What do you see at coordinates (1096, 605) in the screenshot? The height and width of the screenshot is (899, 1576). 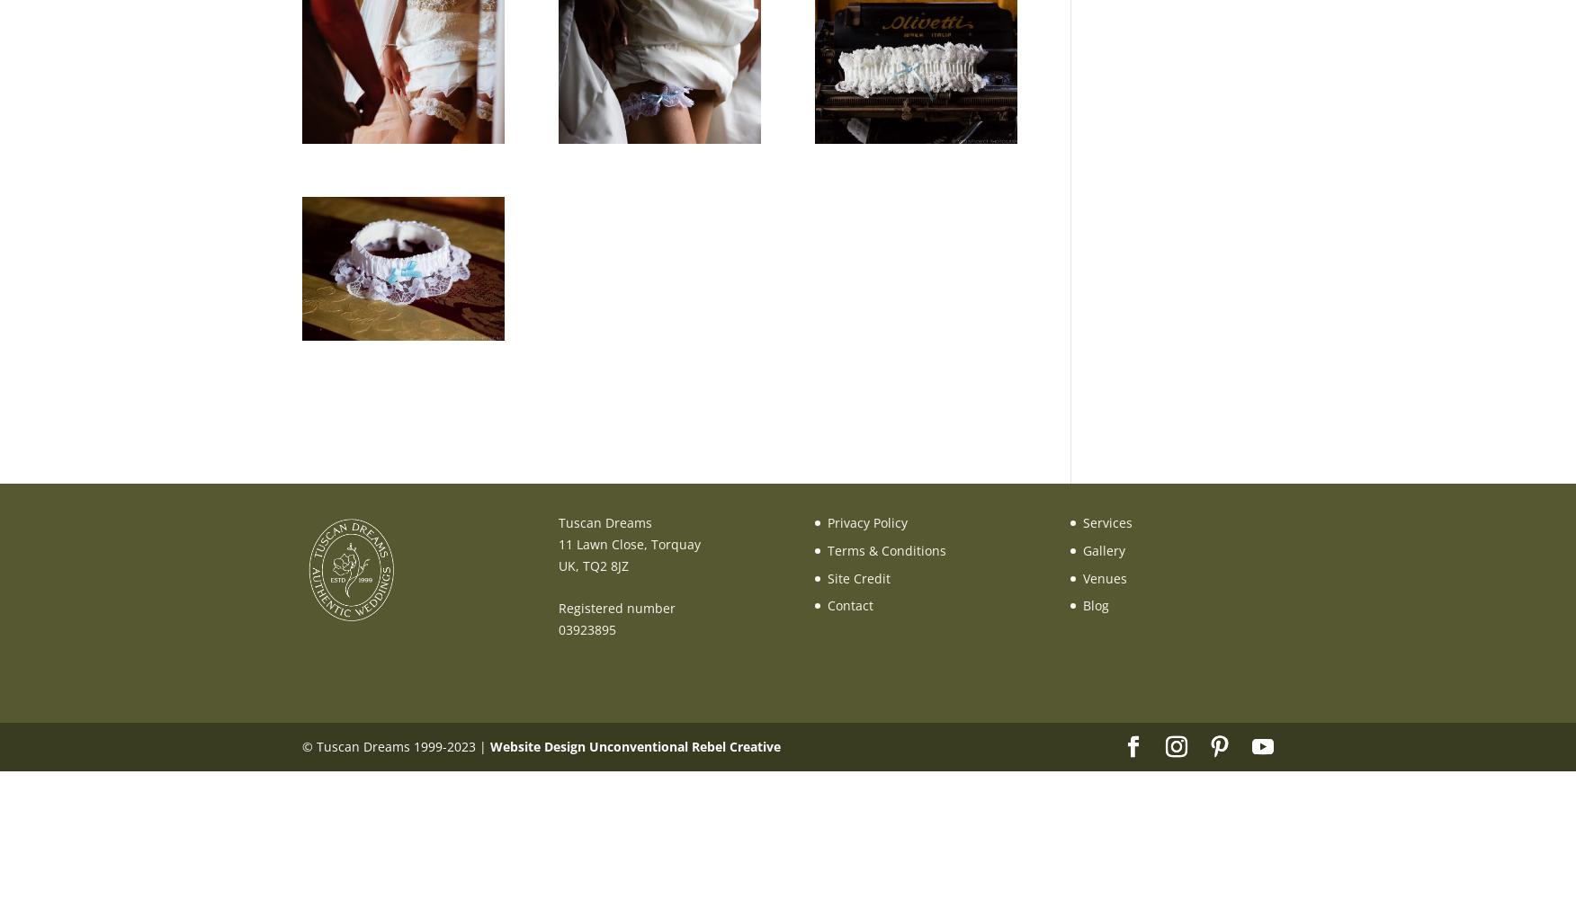 I see `'Blog'` at bounding box center [1096, 605].